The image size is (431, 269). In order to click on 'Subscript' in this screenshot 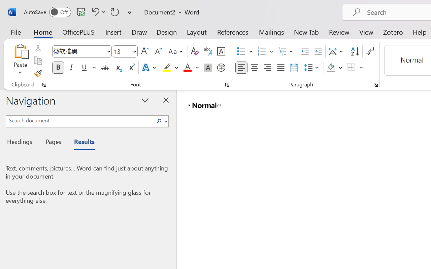, I will do `click(118, 68)`.